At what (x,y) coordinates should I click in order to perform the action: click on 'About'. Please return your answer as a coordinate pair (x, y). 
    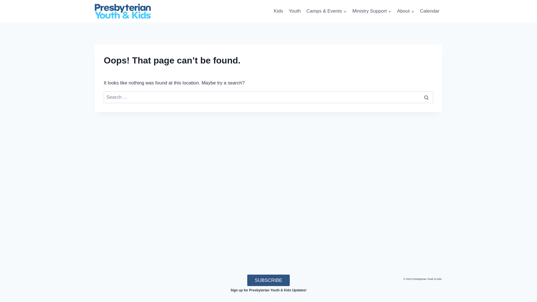
    Looking at the image, I should click on (406, 11).